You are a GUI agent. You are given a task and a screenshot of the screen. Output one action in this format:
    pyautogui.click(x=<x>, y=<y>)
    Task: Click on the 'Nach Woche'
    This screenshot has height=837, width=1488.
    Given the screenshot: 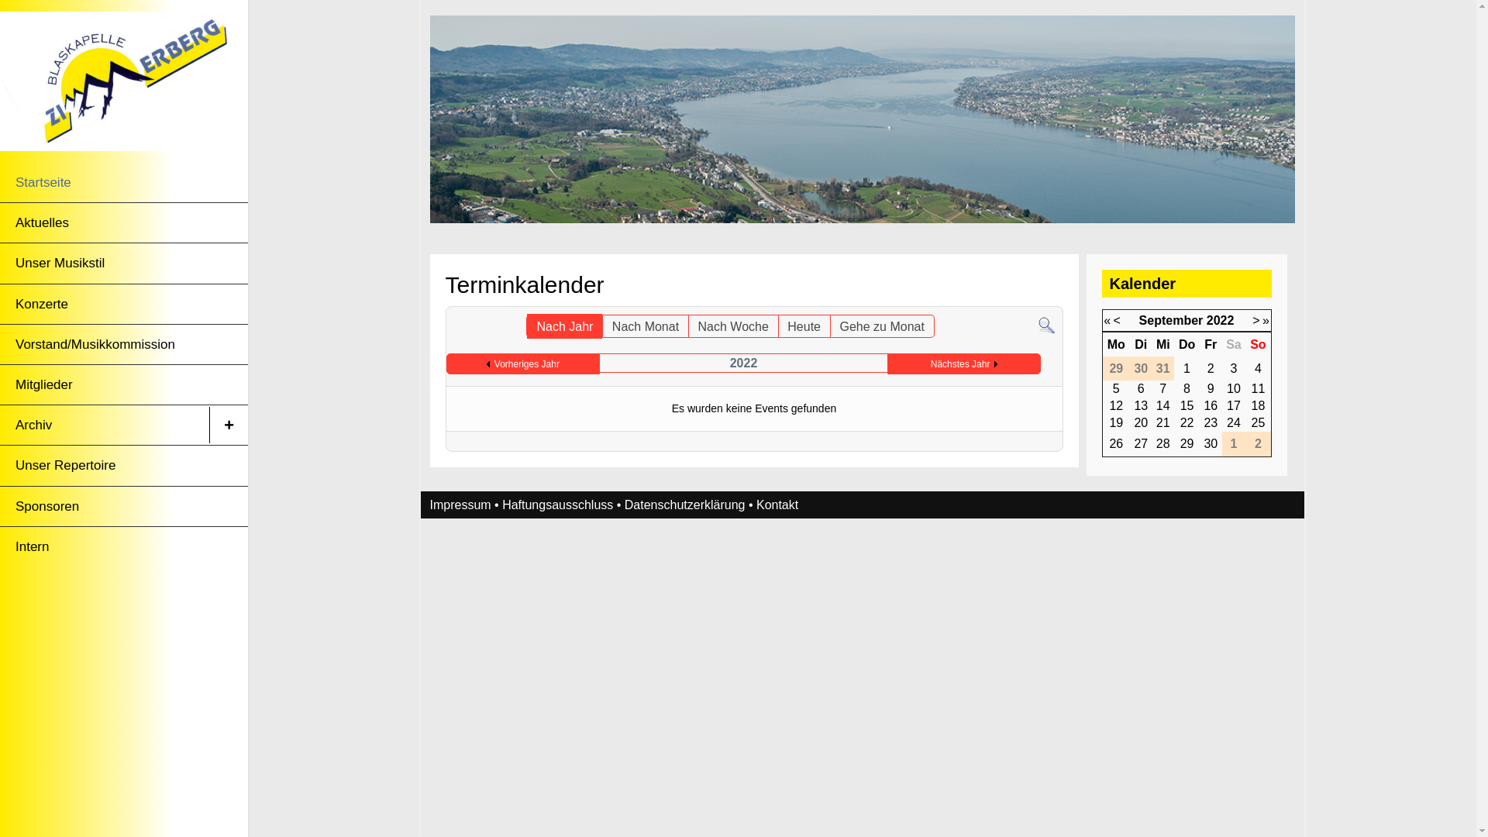 What is the action you would take?
    pyautogui.click(x=732, y=325)
    